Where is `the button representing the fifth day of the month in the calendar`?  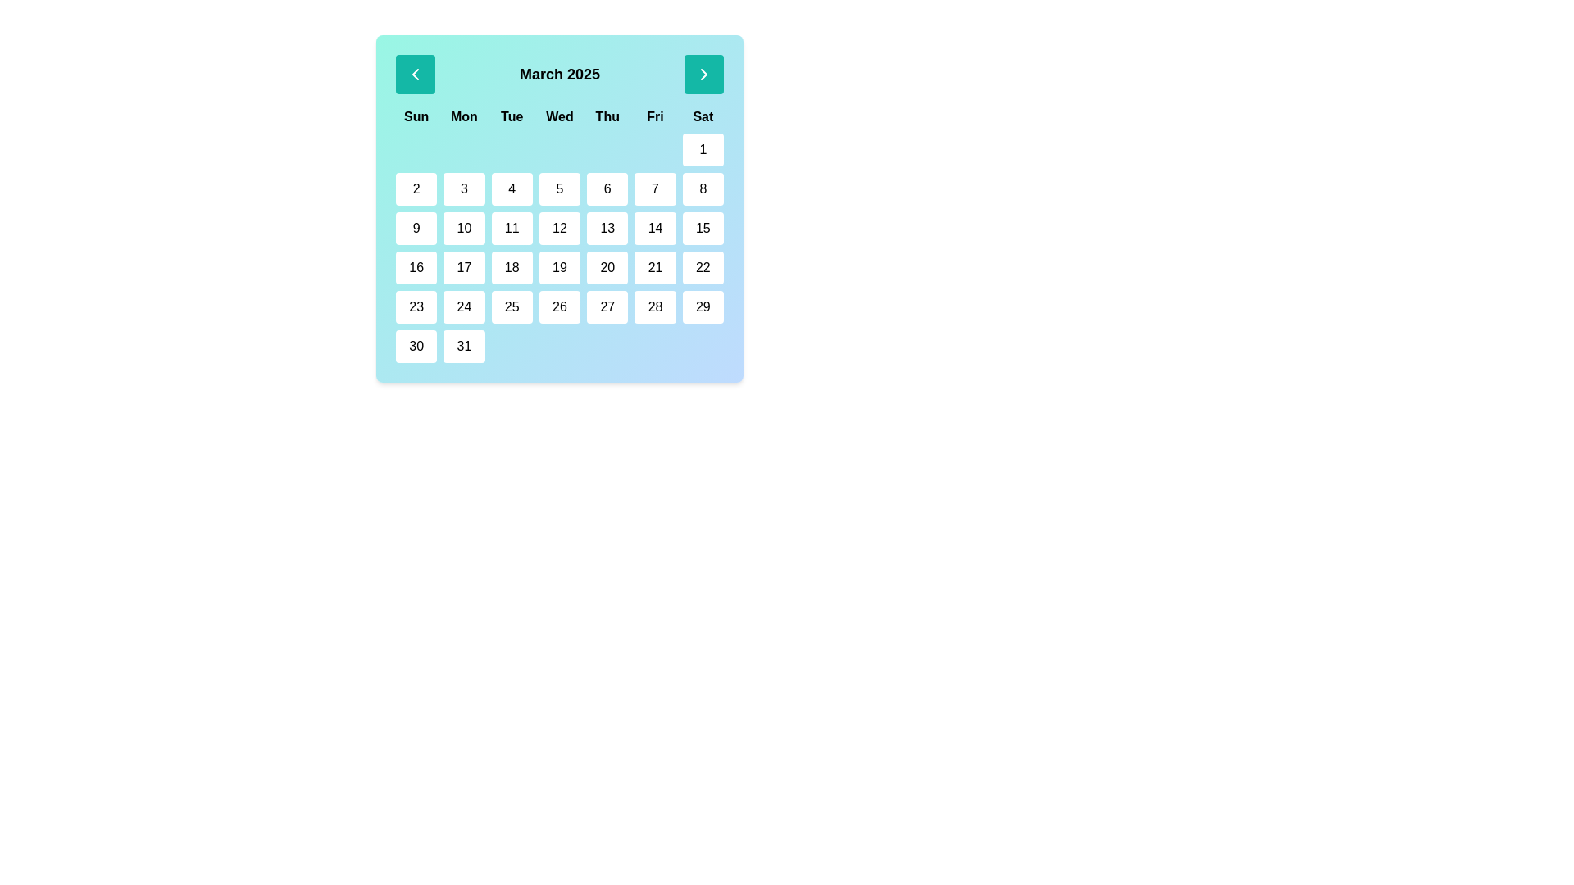 the button representing the fifth day of the month in the calendar is located at coordinates (559, 188).